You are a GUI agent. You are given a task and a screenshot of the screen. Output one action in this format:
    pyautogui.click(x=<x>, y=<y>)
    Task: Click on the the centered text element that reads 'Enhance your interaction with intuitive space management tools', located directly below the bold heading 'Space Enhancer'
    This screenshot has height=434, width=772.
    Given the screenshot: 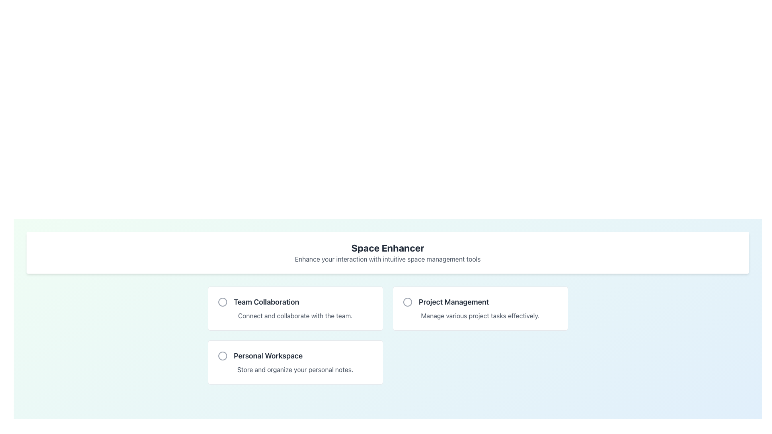 What is the action you would take?
    pyautogui.click(x=388, y=259)
    